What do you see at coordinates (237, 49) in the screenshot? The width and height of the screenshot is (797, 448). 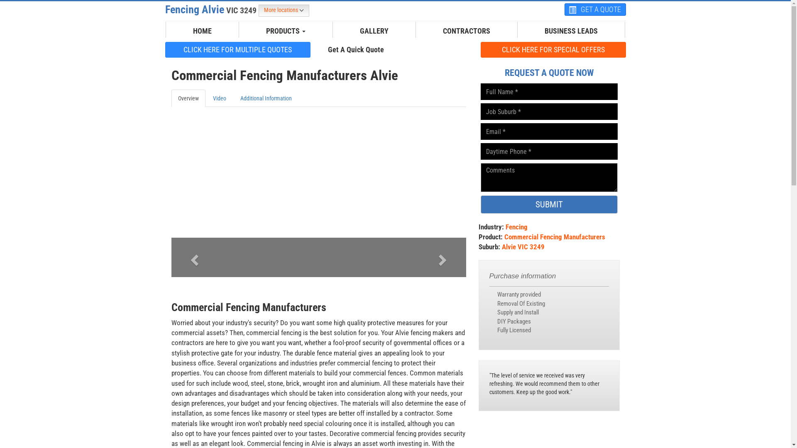 I see `'CLICK HERE FOR MULTIPLE QUOTES'` at bounding box center [237, 49].